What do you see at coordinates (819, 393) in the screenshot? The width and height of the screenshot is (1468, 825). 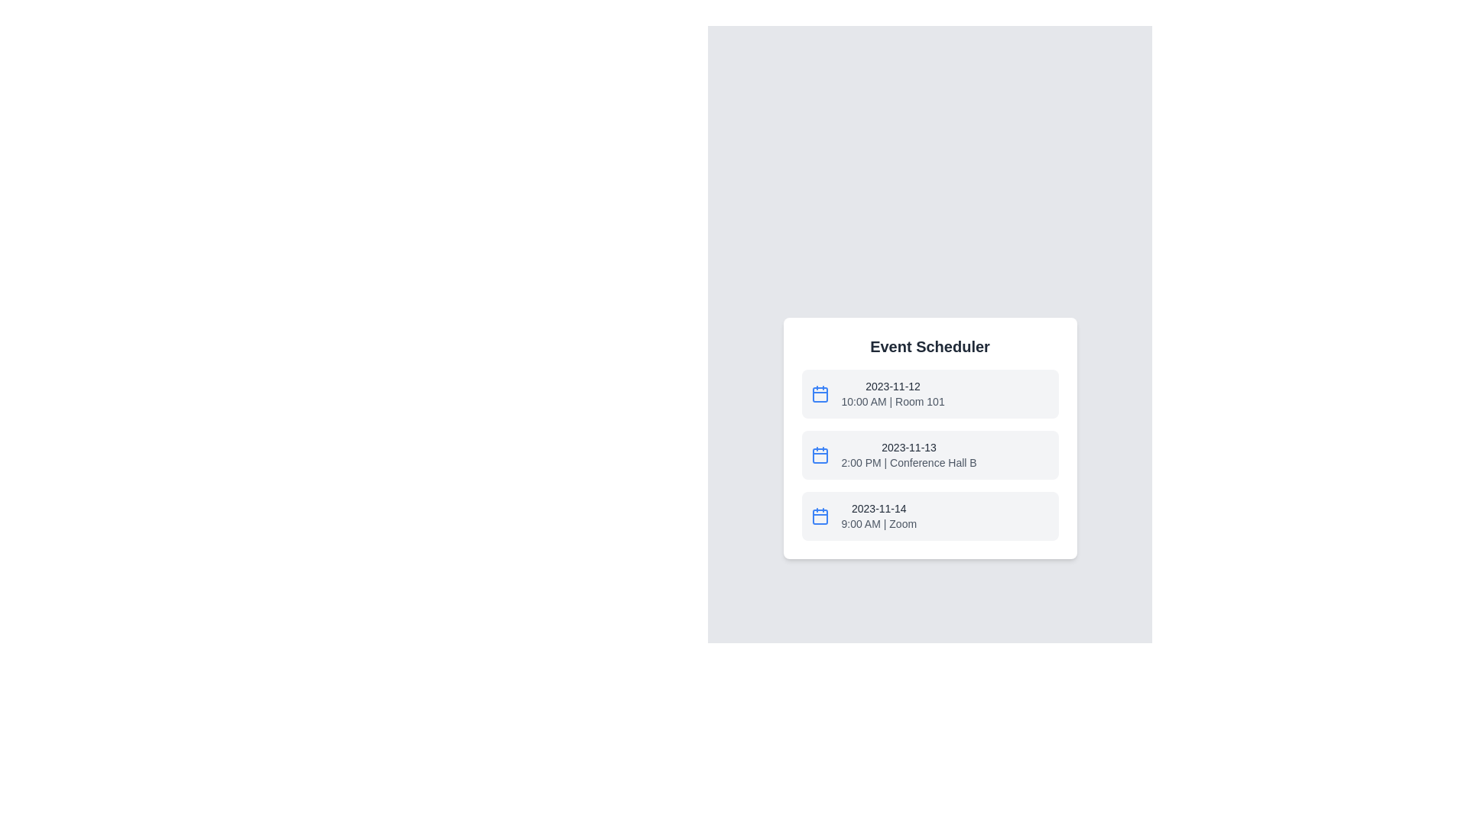 I see `the calendar icon, which is styled with a blue hue and features a modern, minimalistic design, located to the left of the text '2023-11-12 10:00 AM | Room 101'` at bounding box center [819, 393].